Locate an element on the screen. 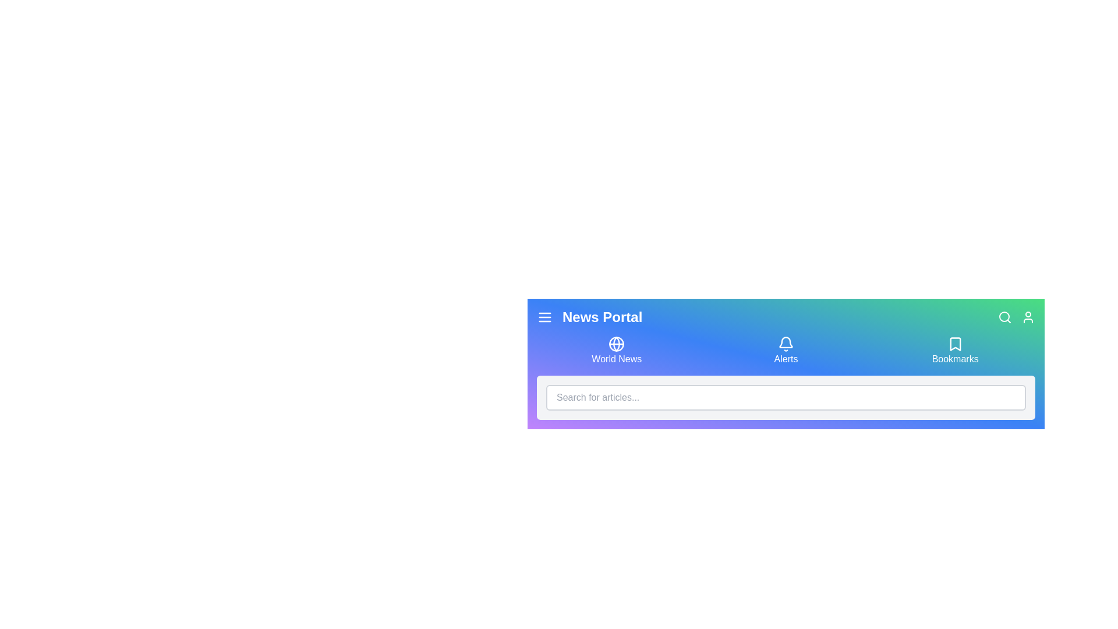  the menu toggle button to toggle the menu visibility is located at coordinates (544, 317).